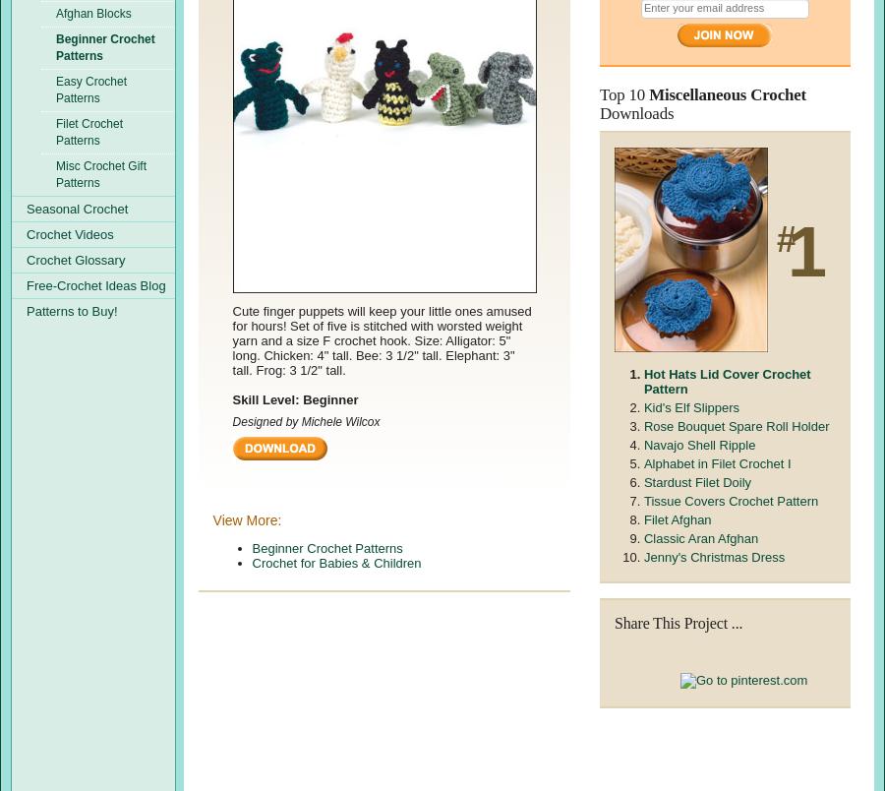 This screenshot has width=885, height=791. I want to click on 'Crochet Videos', so click(69, 234).